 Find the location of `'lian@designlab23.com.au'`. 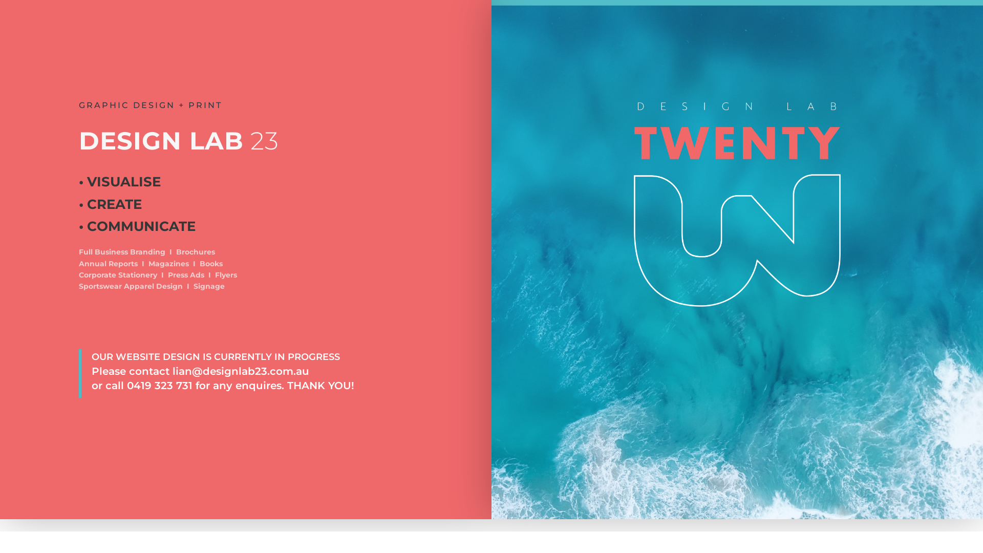

'lian@designlab23.com.au' is located at coordinates (240, 371).